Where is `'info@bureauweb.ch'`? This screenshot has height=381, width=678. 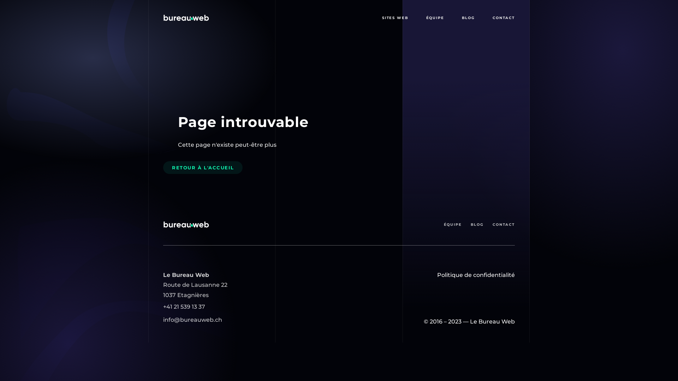 'info@bureauweb.ch' is located at coordinates (162, 320).